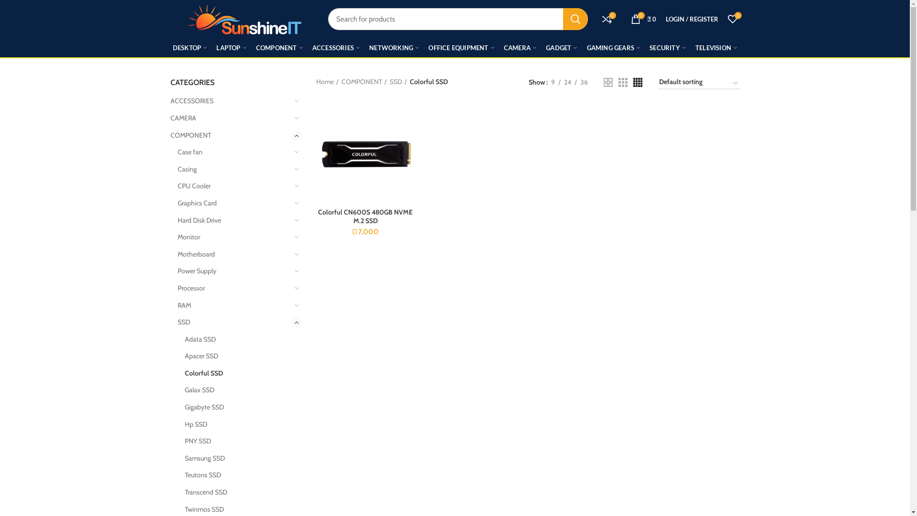  What do you see at coordinates (170, 118) in the screenshot?
I see `'CAMERA'` at bounding box center [170, 118].